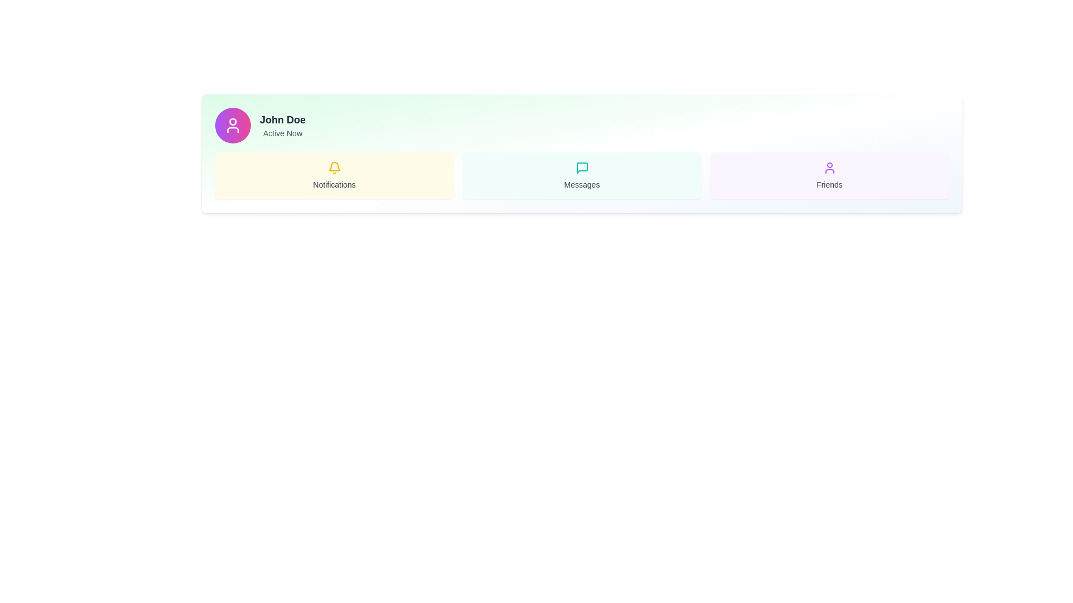  I want to click on the yellow bell-shaped icon located in the 'Notifications' section of the interface, so click(334, 166).